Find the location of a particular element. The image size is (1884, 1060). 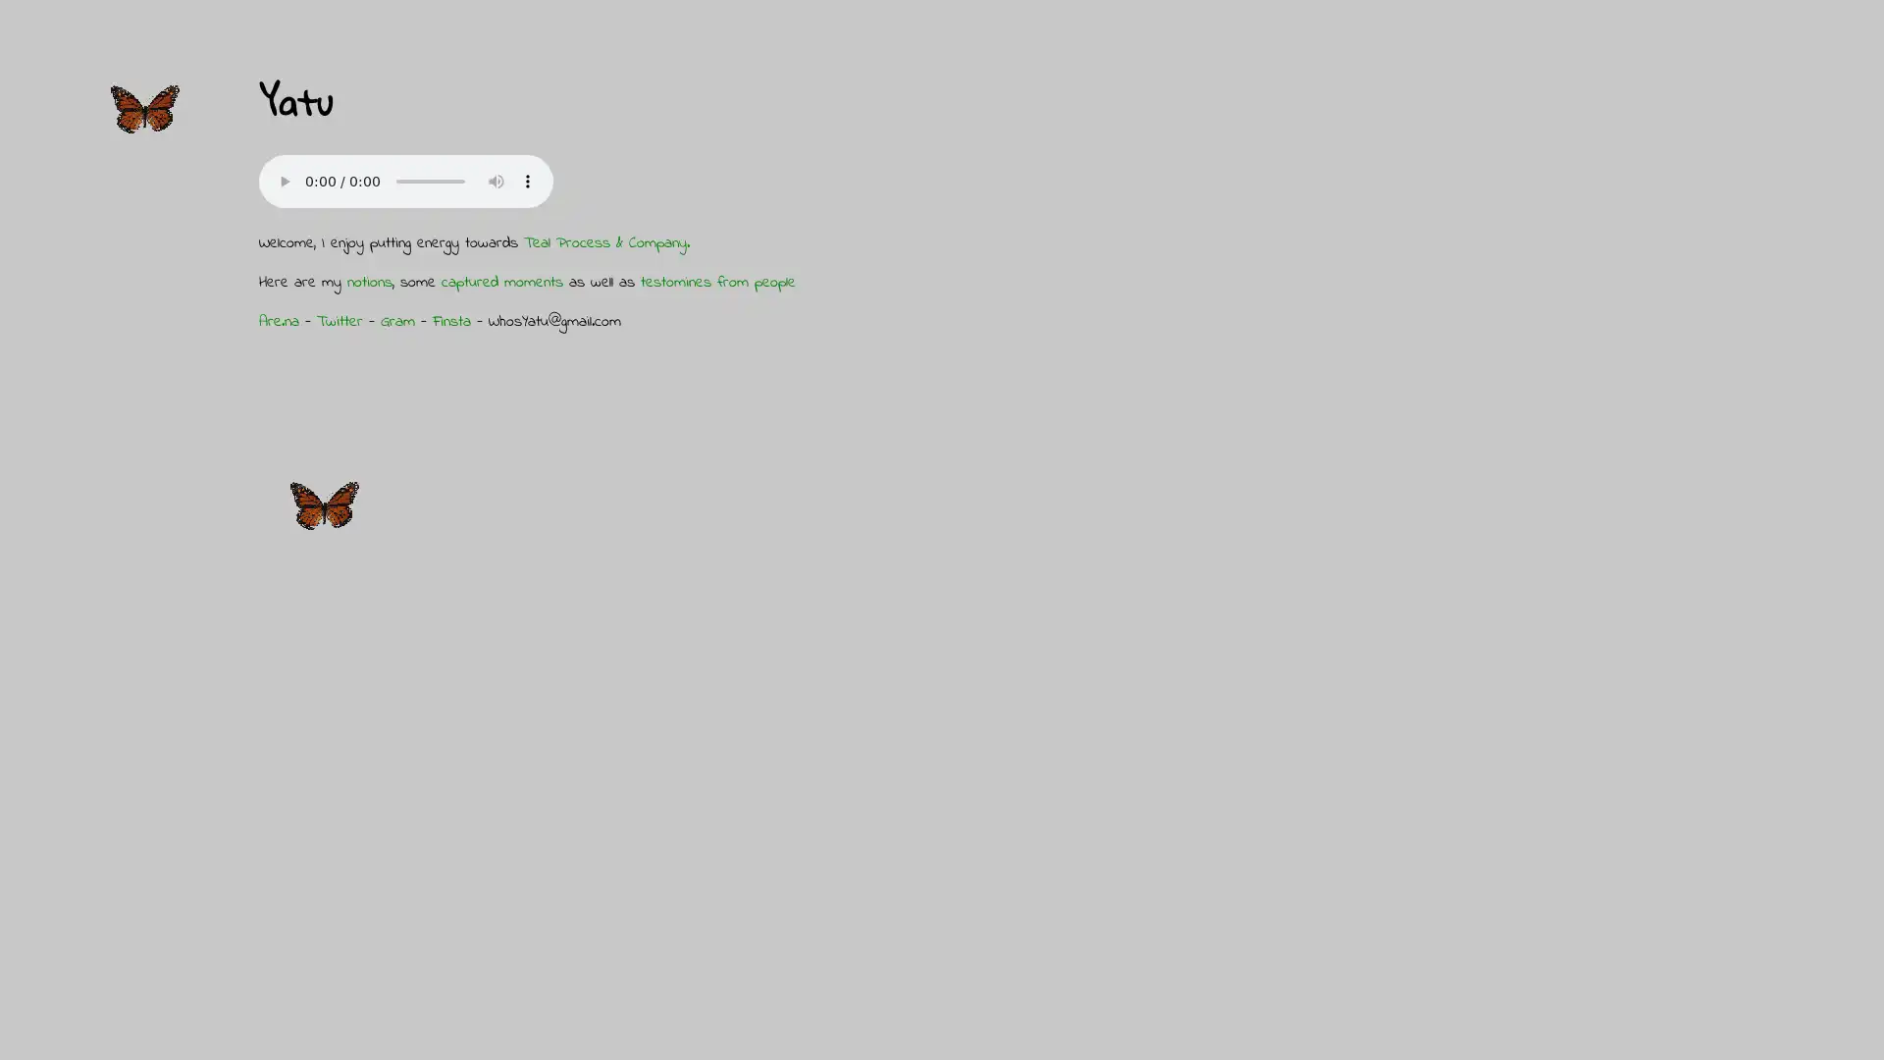

show more media controls is located at coordinates (527, 181).